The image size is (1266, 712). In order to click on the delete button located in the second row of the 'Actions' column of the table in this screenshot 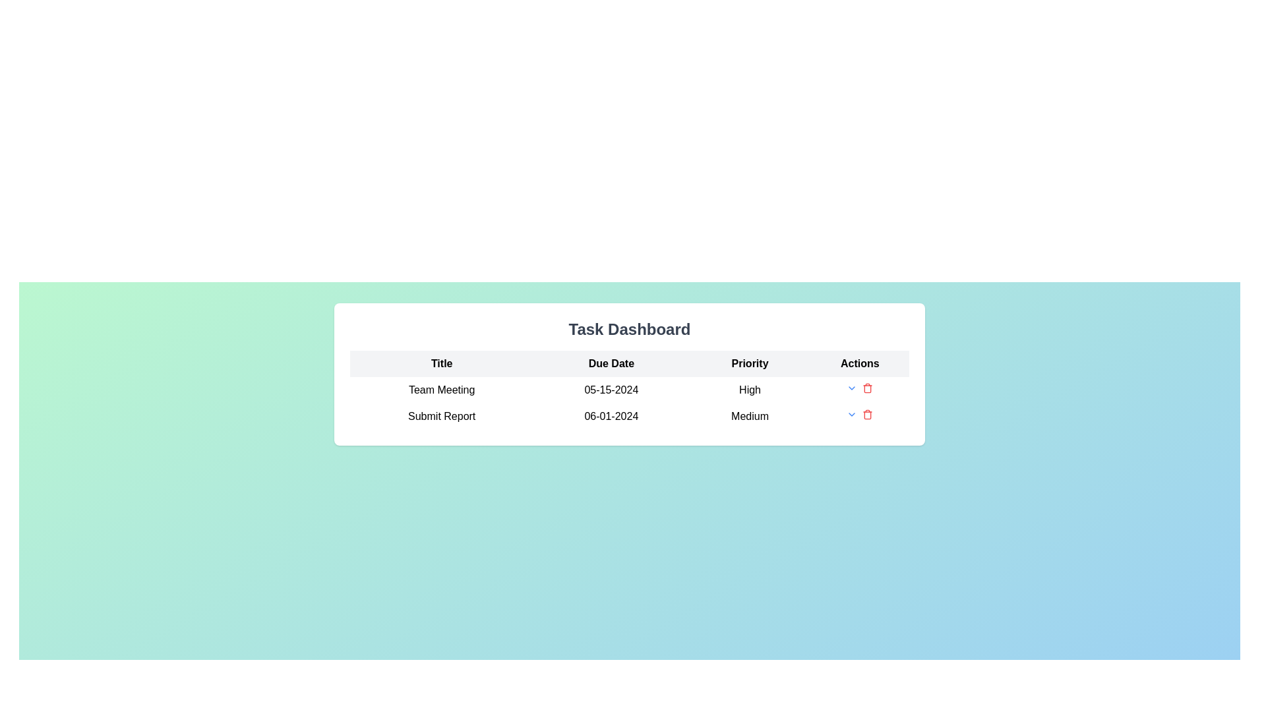, I will do `click(868, 388)`.